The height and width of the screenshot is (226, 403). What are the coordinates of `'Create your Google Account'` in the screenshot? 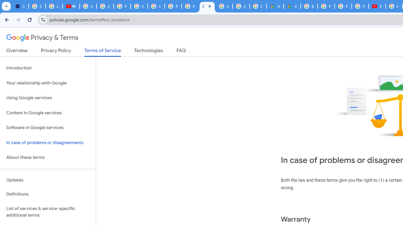 It's located at (258, 6).